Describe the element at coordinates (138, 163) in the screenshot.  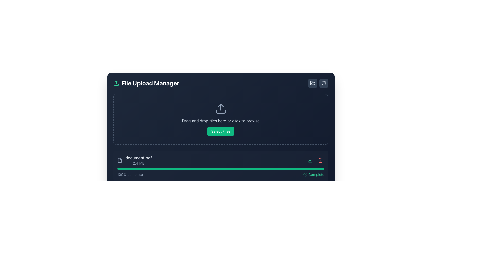
I see `the text label displaying '2.4 MB', which is styled in light gray and positioned below the 'document.pdf' label` at that location.